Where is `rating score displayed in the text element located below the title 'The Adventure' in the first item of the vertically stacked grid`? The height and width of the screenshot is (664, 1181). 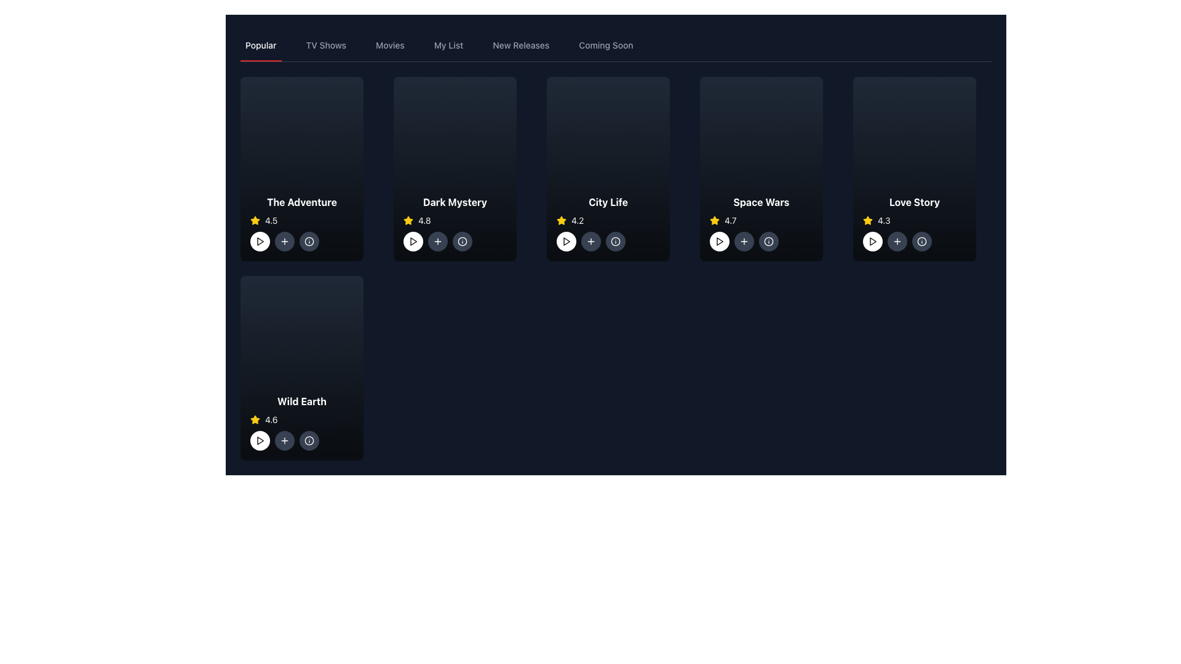 rating score displayed in the text element located below the title 'The Adventure' in the first item of the vertically stacked grid is located at coordinates (271, 219).